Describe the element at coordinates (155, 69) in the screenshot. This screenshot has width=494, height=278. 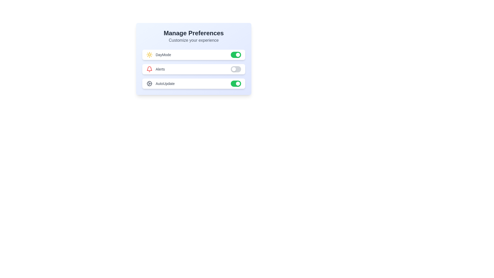
I see `the label with icon that serves as a title for the alert or notification preferences, located below the 'DayMode' toggle and above the 'AutoUpdate' toggle` at that location.